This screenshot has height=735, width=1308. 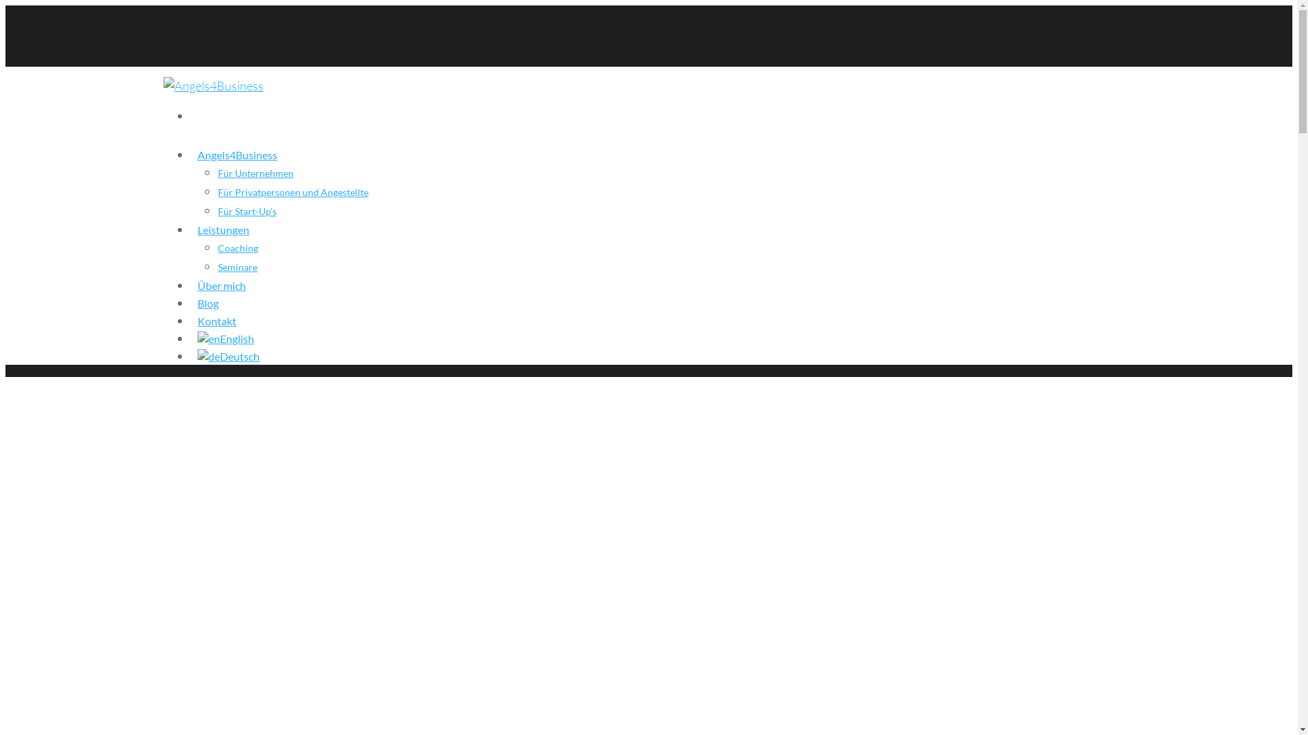 What do you see at coordinates (238, 248) in the screenshot?
I see `'Coaching'` at bounding box center [238, 248].